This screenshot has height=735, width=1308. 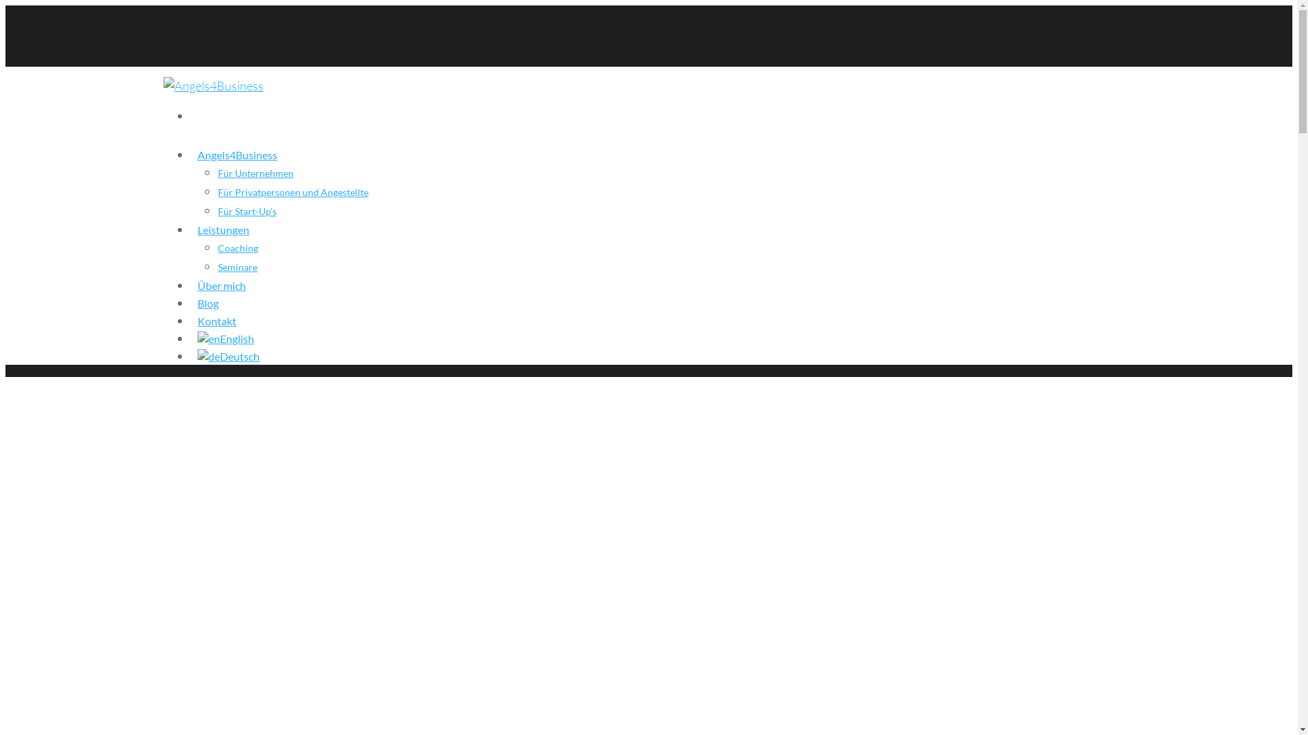 What do you see at coordinates (238, 248) in the screenshot?
I see `'Coaching'` at bounding box center [238, 248].